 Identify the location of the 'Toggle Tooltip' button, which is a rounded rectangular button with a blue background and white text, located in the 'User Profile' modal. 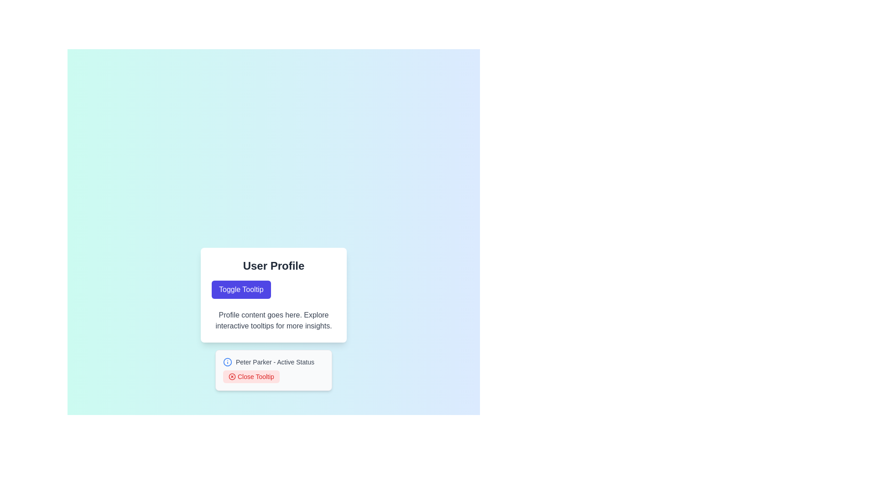
(241, 290).